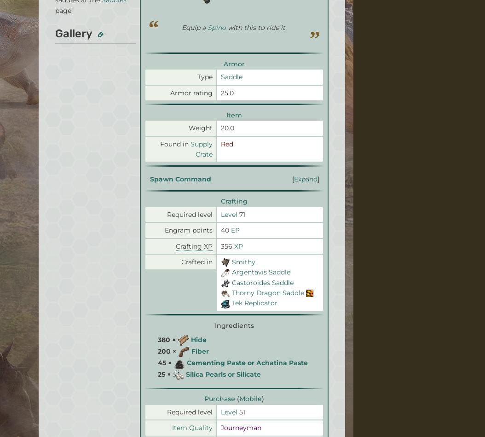 The image size is (485, 437). What do you see at coordinates (219, 150) in the screenshot?
I see `'Privacy Policy'` at bounding box center [219, 150].